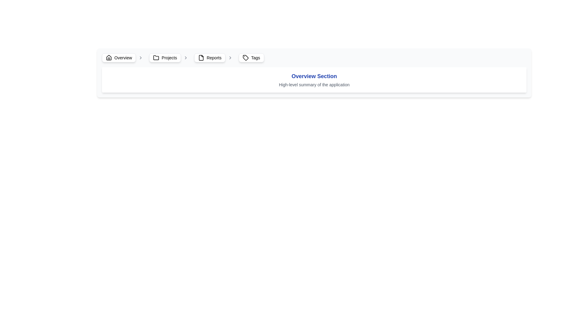 The image size is (581, 327). Describe the element at coordinates (109, 57) in the screenshot. I see `the home icon in the breadcrumb navigation bar located at the top-left corner` at that location.